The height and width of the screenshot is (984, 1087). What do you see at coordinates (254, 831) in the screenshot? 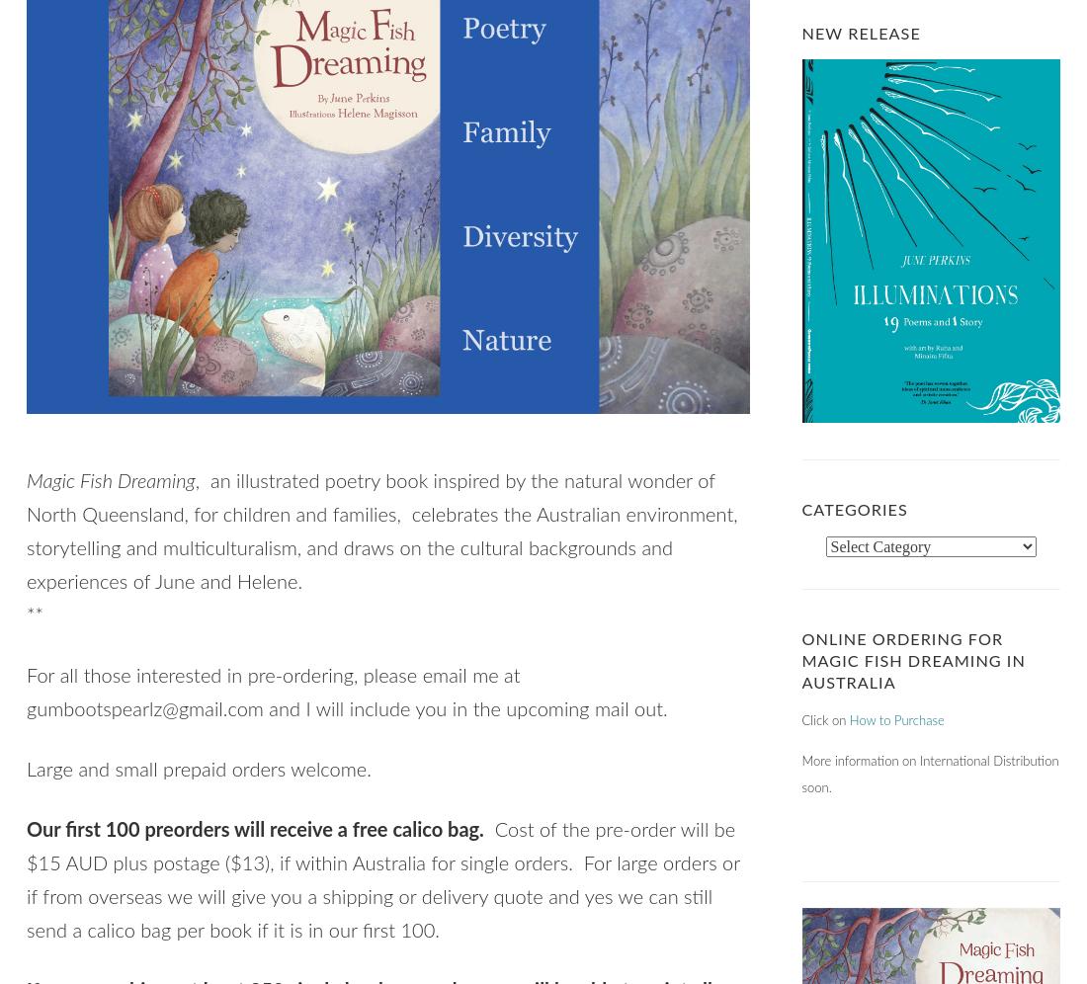
I see `'Our first 100 preorders will receive a free calico bag.'` at bounding box center [254, 831].